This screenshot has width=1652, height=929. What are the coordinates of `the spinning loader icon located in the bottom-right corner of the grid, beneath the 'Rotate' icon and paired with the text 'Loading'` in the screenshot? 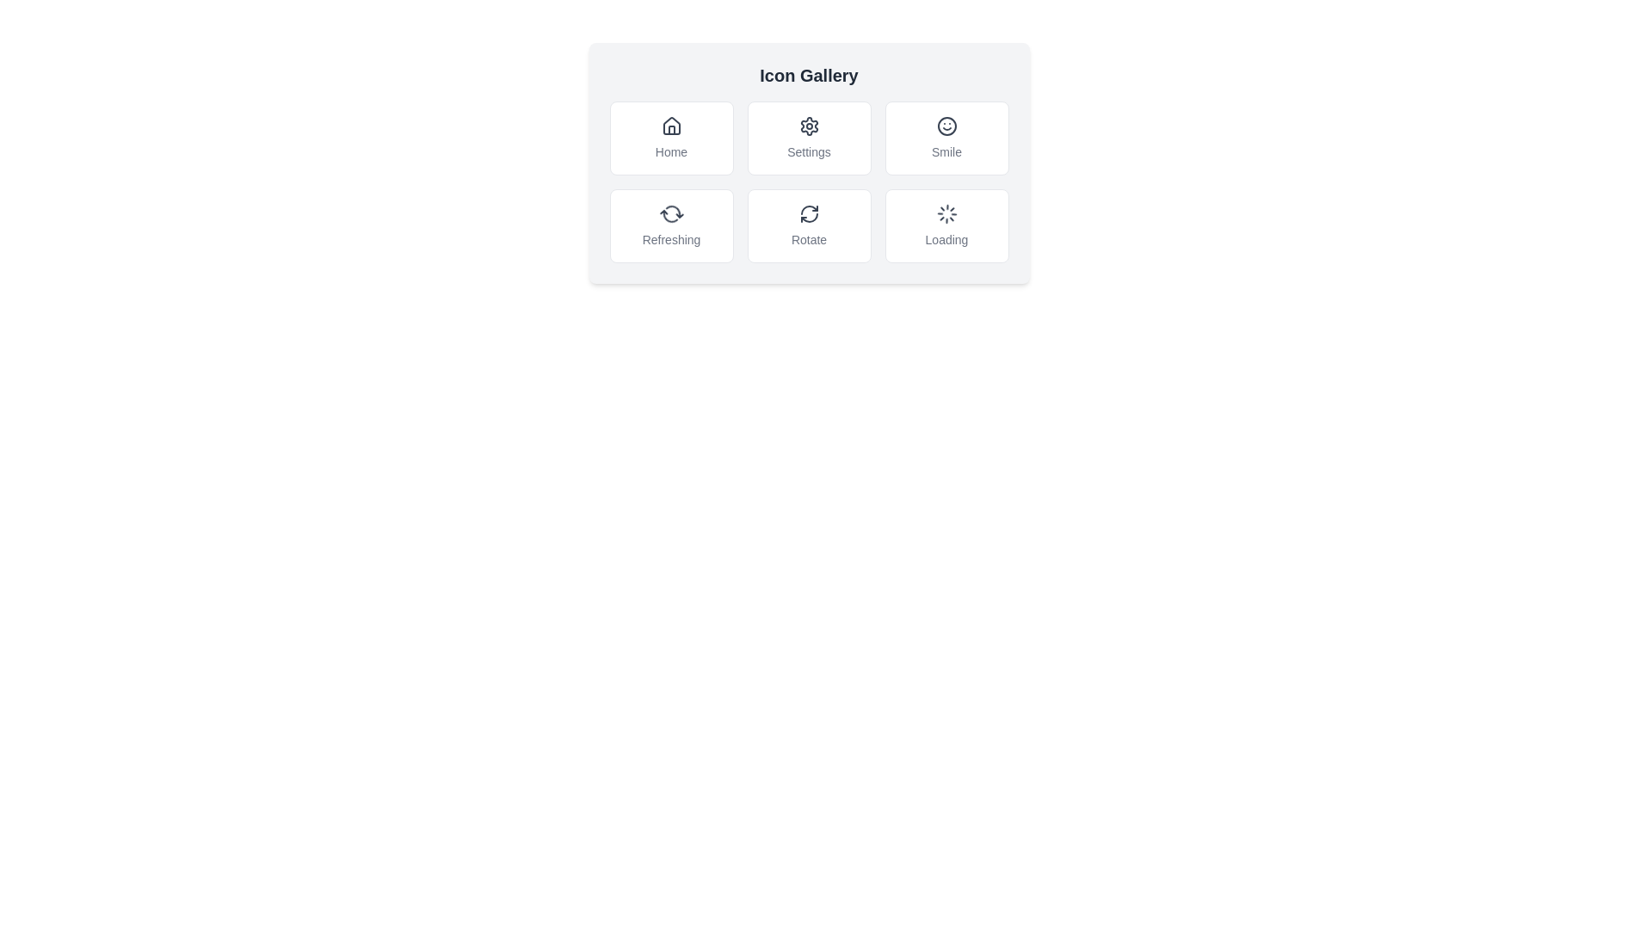 It's located at (946, 213).